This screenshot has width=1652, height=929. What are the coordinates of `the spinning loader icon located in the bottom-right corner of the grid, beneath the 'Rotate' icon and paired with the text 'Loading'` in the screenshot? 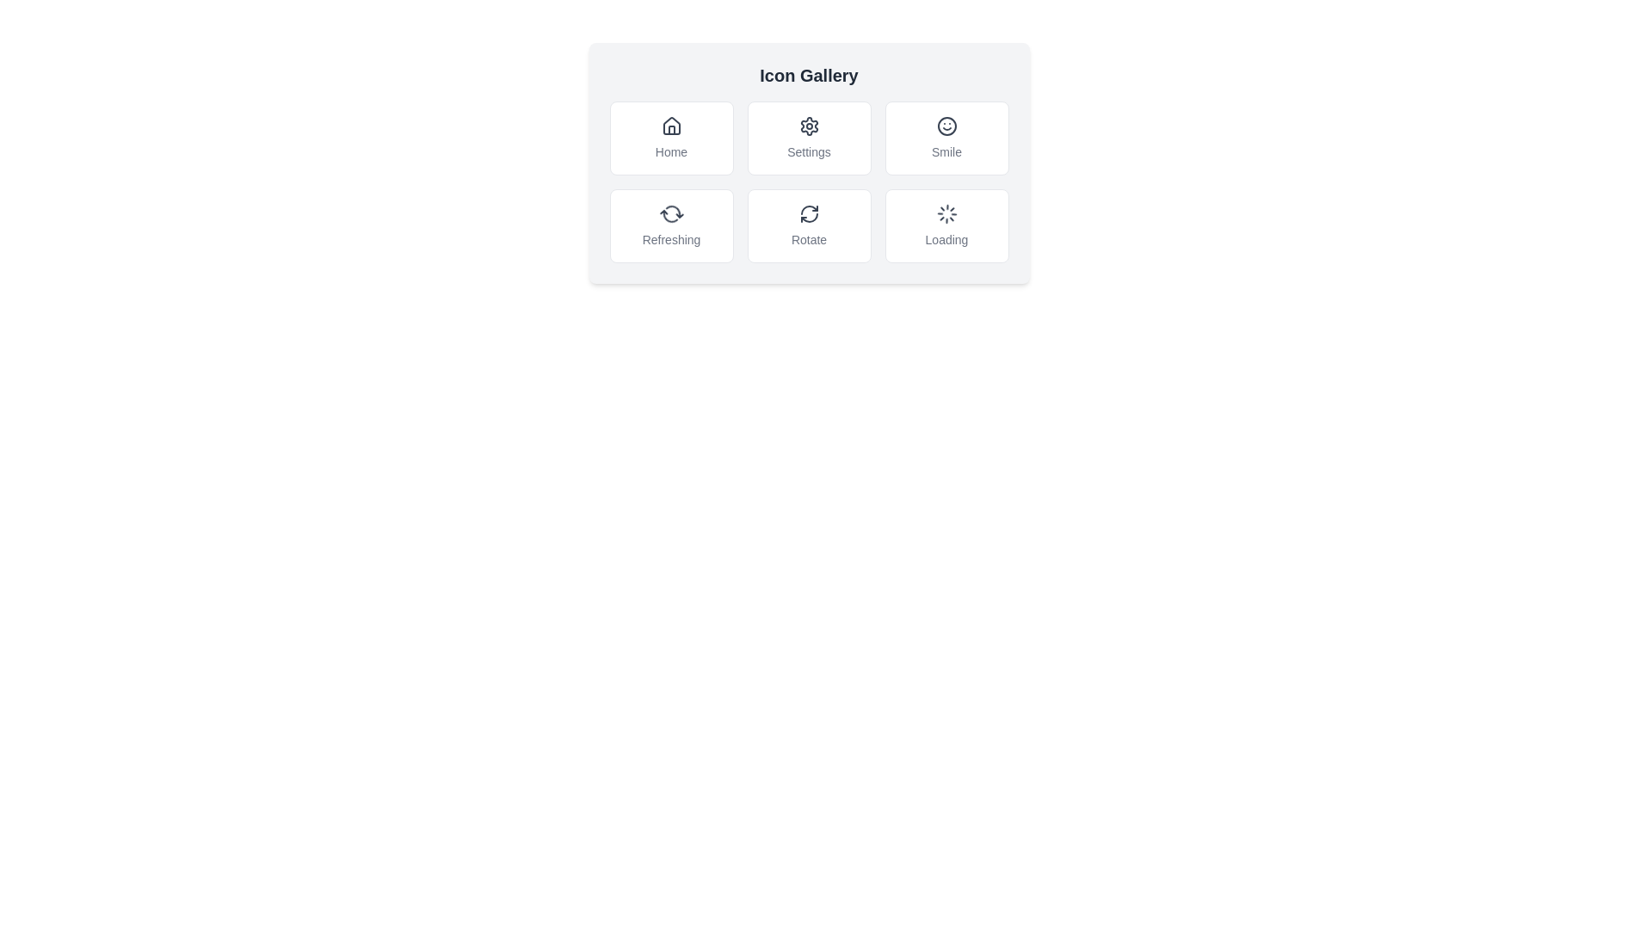 It's located at (946, 213).